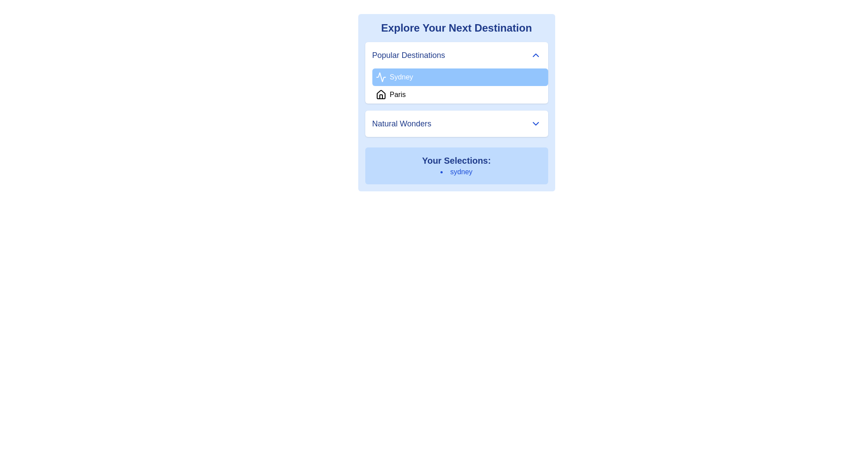  Describe the element at coordinates (401, 123) in the screenshot. I see `the text label displaying 'Natural Wonders', which is bold and blue, located underneath the 'Popular Destinations' dropdown` at that location.